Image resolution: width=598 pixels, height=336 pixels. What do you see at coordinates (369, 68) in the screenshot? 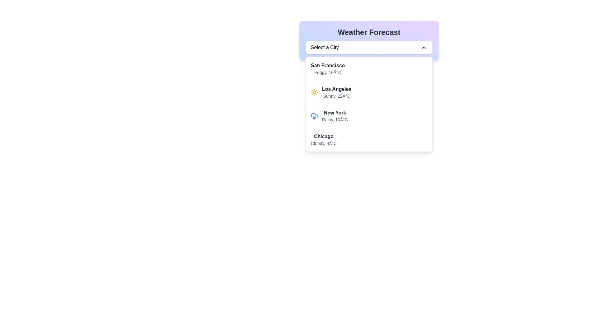
I see `the first list item displaying weather information for 'San Francisco', which shows the weather condition and temperature, located below the 'Select a City' dropdown menu` at bounding box center [369, 68].